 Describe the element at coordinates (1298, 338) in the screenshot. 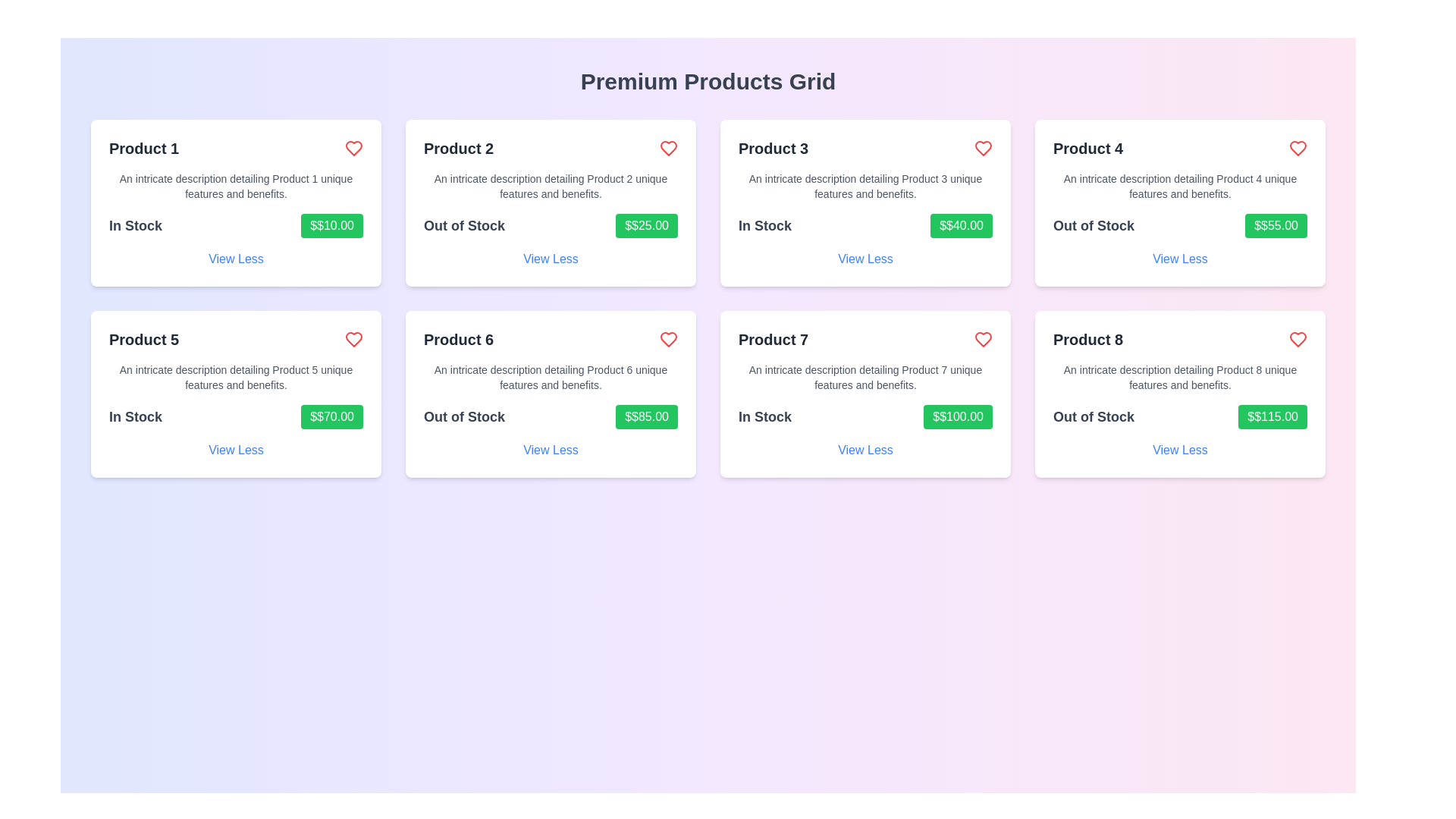

I see `the heart icon located at the top-right corner of the 'Product 8' card` at that location.